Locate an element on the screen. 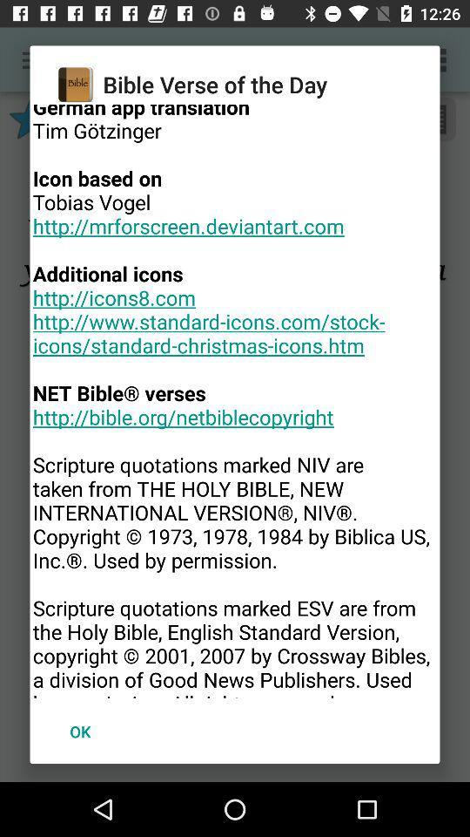 The width and height of the screenshot is (470, 837). the item at the bottom left corner is located at coordinates (79, 732).